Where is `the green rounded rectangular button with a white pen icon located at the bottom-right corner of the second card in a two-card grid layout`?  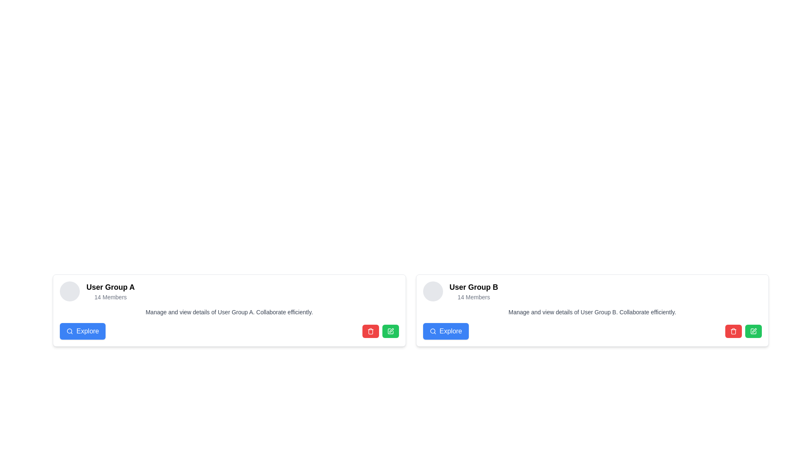
the green rounded rectangular button with a white pen icon located at the bottom-right corner of the second card in a two-card grid layout is located at coordinates (754, 331).